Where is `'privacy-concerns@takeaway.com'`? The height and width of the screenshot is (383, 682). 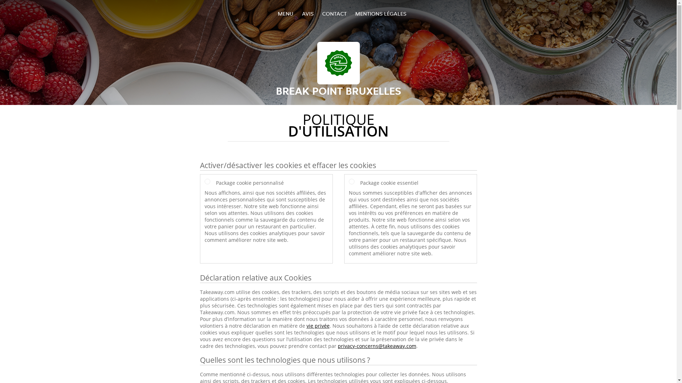 'privacy-concerns@takeaway.com' is located at coordinates (376, 345).